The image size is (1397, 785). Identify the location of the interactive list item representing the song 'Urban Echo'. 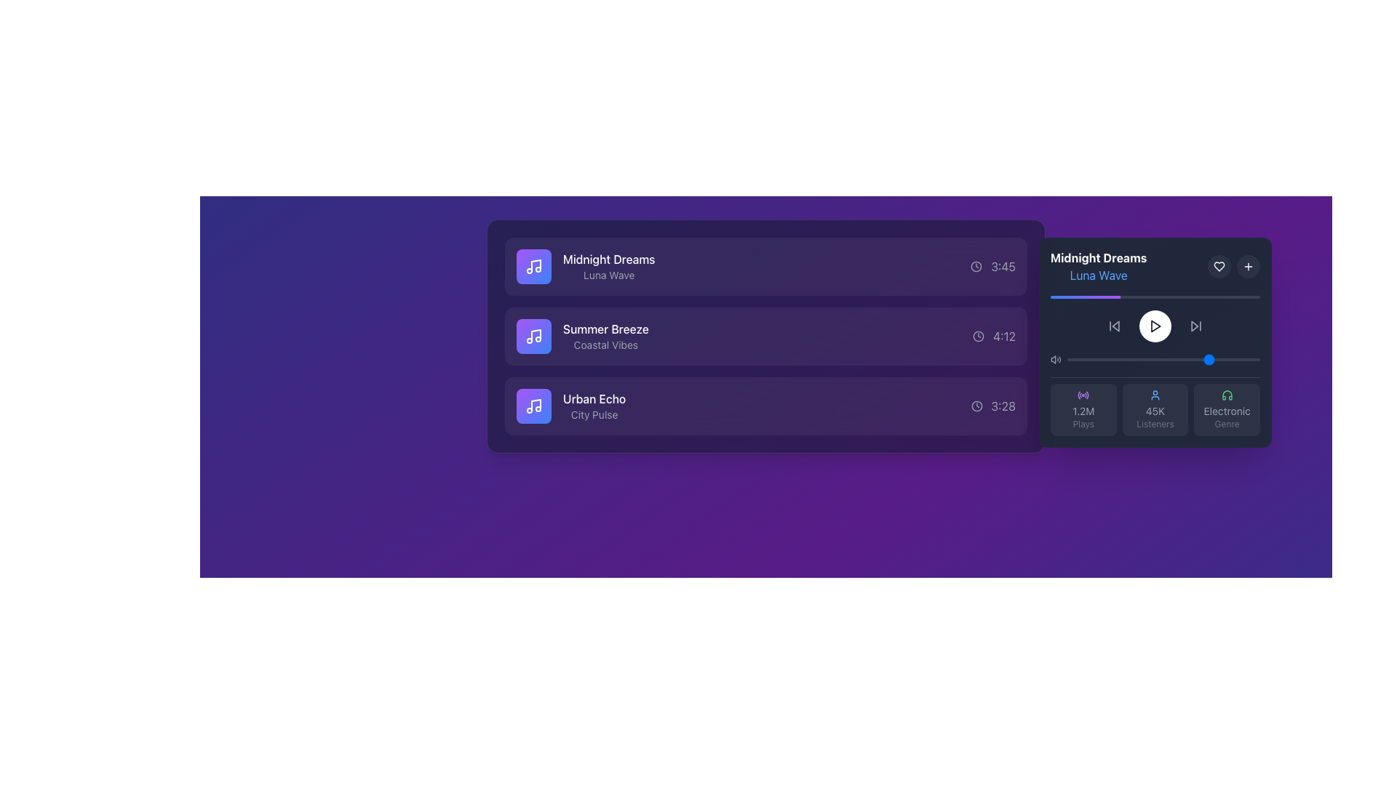
(765, 406).